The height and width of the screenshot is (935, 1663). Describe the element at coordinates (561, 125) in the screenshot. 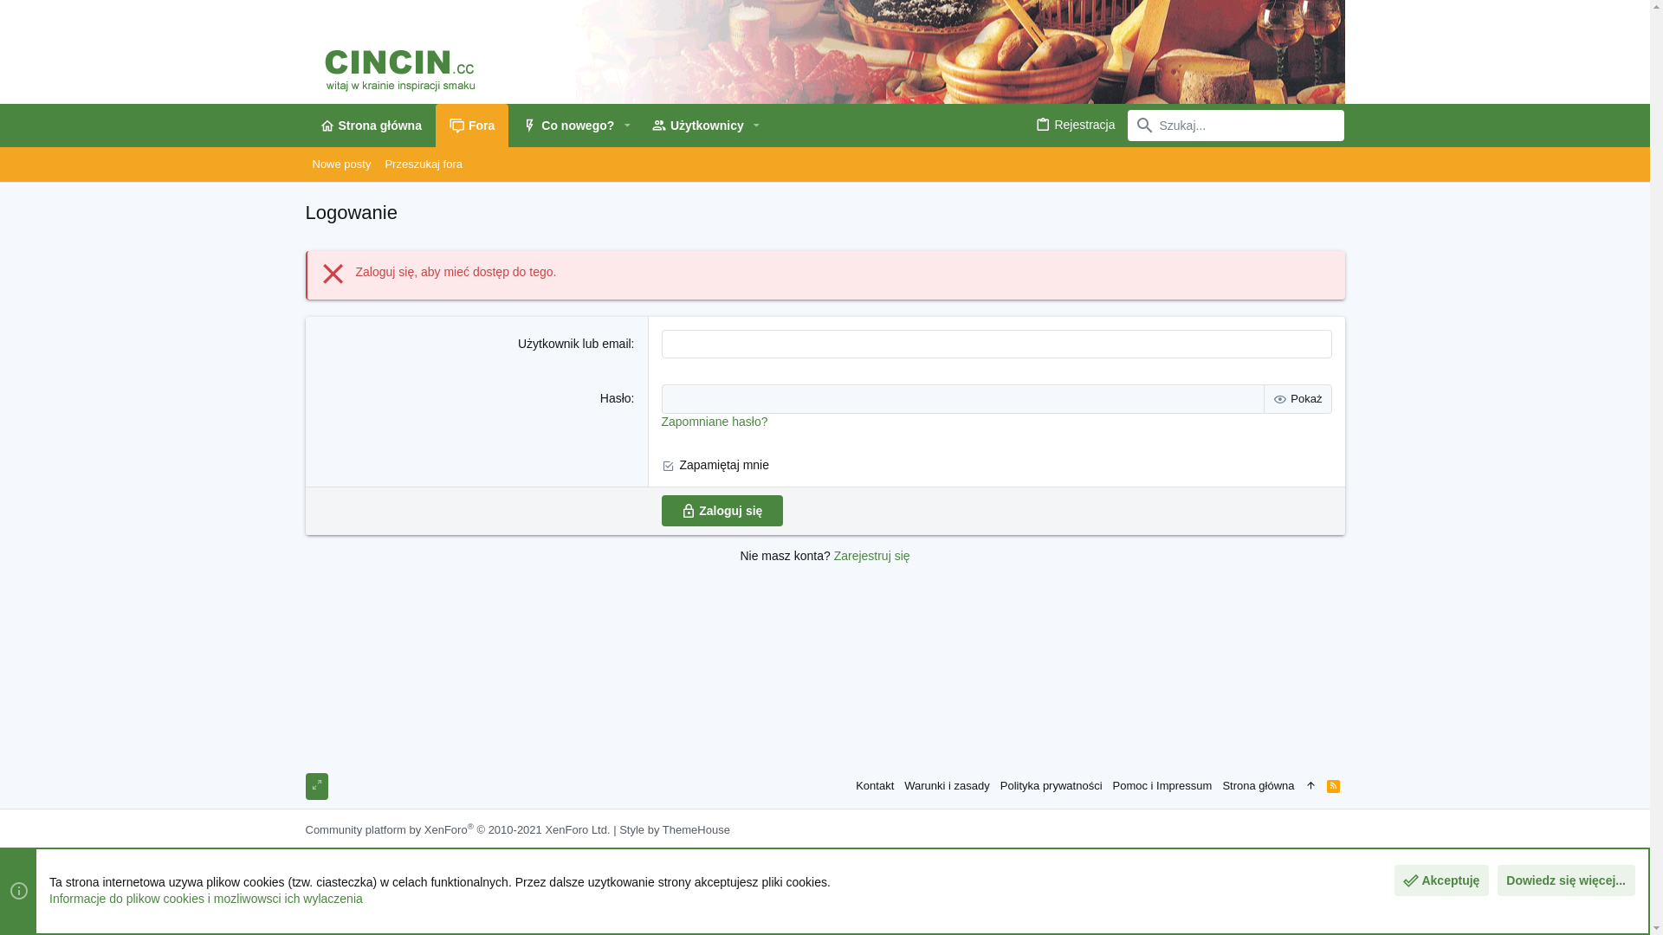

I see `'Co nowego?'` at that location.